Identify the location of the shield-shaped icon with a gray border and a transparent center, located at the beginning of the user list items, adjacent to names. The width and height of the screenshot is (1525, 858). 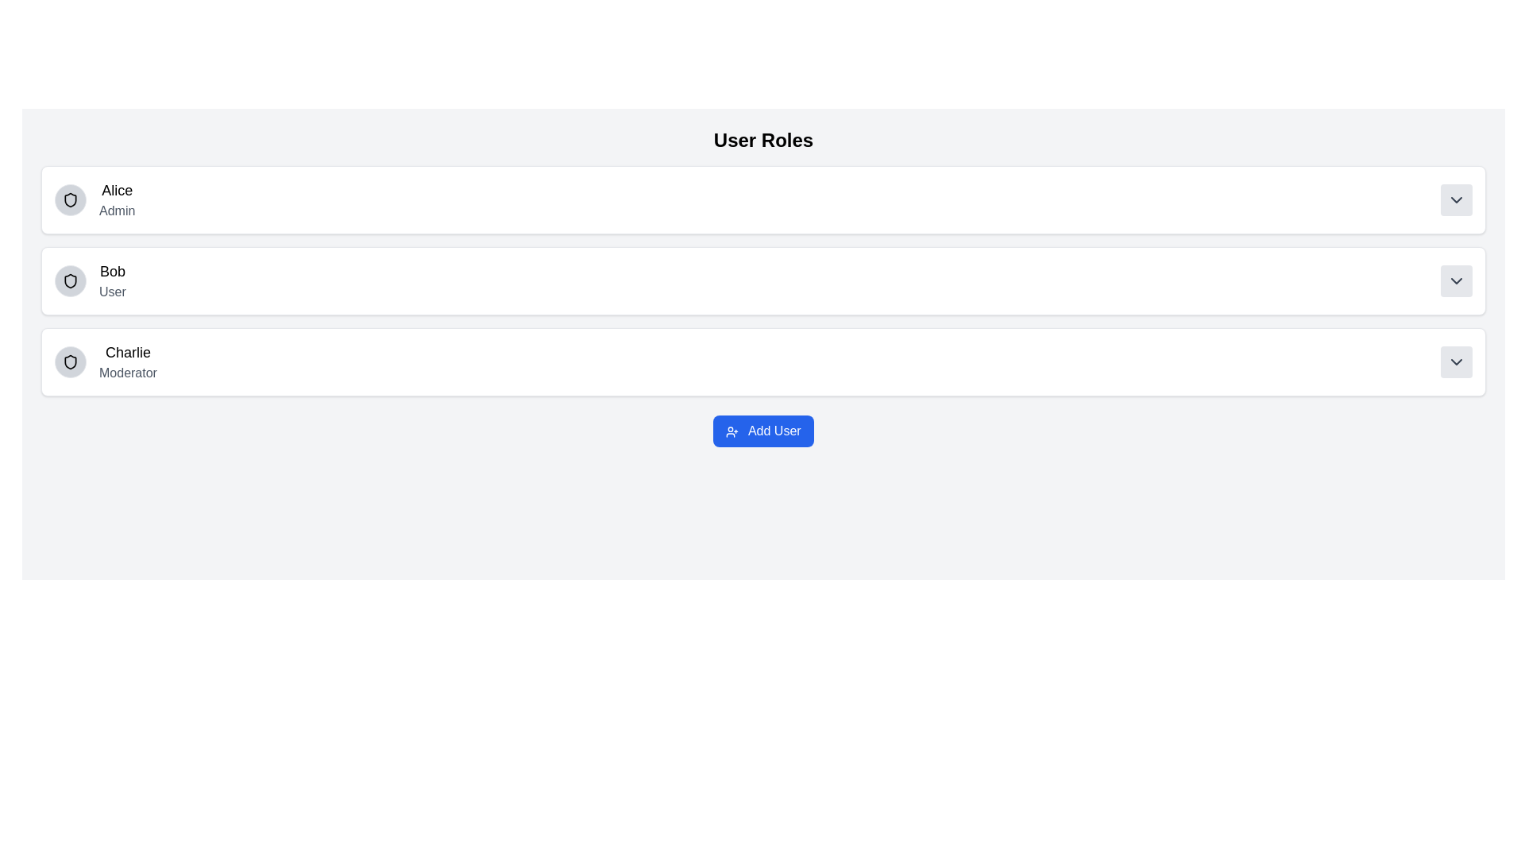
(70, 280).